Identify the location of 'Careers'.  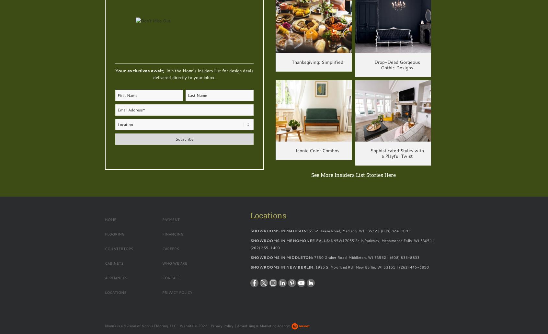
(162, 248).